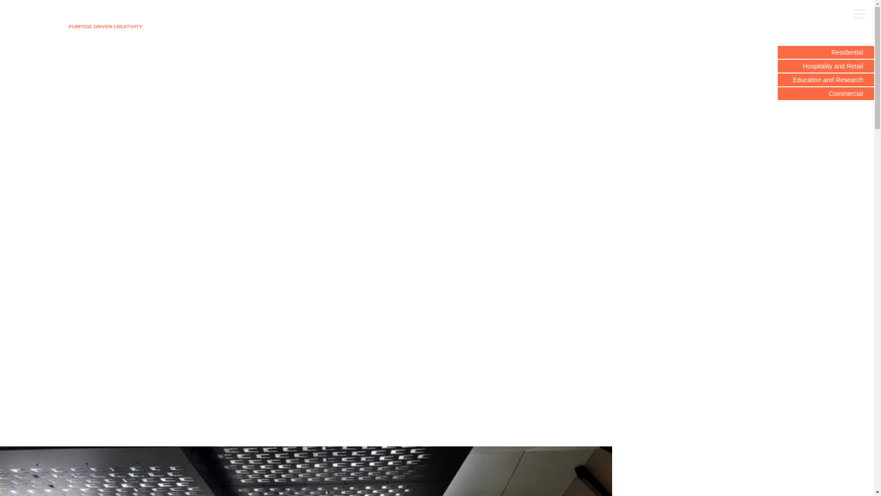  Describe the element at coordinates (826, 52) in the screenshot. I see `'Residential'` at that location.